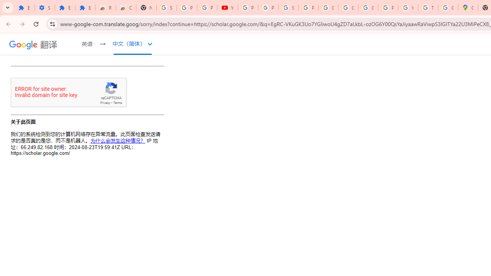 Image resolution: width=491 pixels, height=276 pixels. What do you see at coordinates (227, 8) in the screenshot?
I see `'YouTube'` at bounding box center [227, 8].